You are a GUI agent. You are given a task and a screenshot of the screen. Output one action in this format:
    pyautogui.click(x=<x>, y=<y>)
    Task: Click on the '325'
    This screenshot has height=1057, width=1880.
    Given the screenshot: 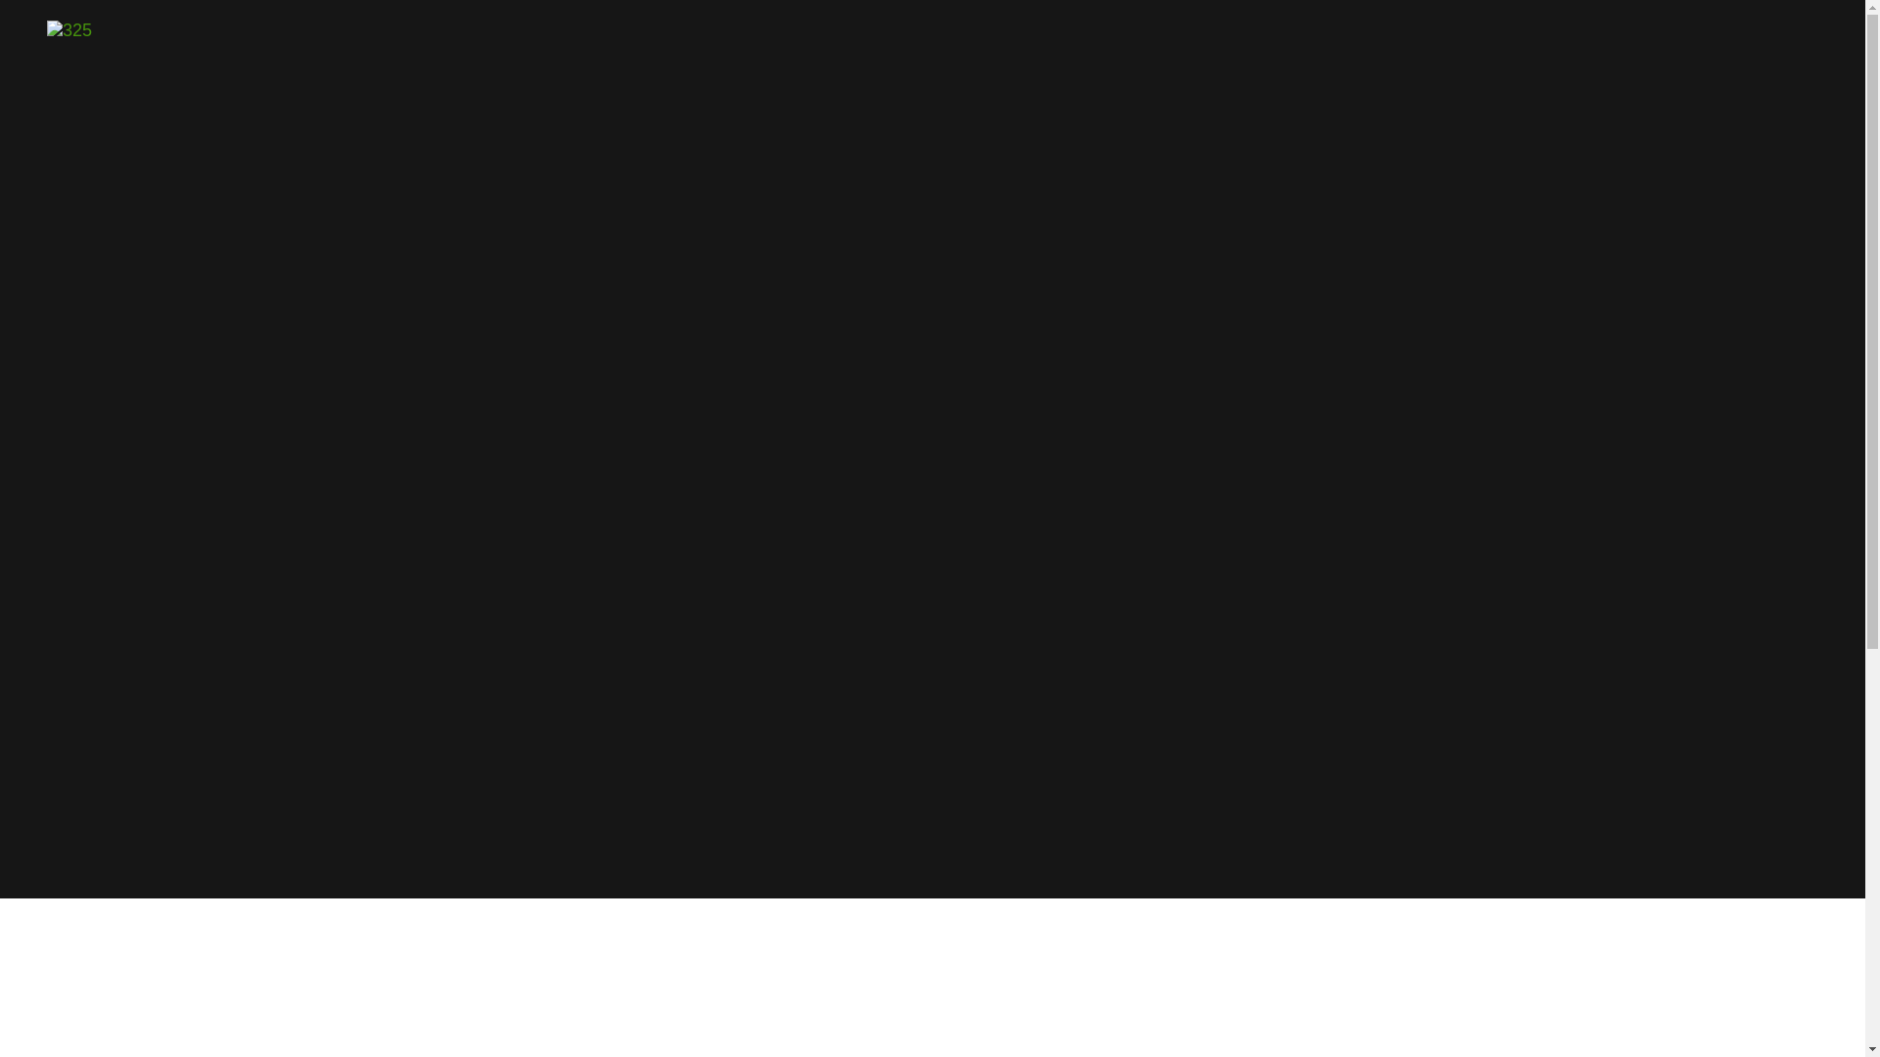 What is the action you would take?
    pyautogui.click(x=47, y=28)
    